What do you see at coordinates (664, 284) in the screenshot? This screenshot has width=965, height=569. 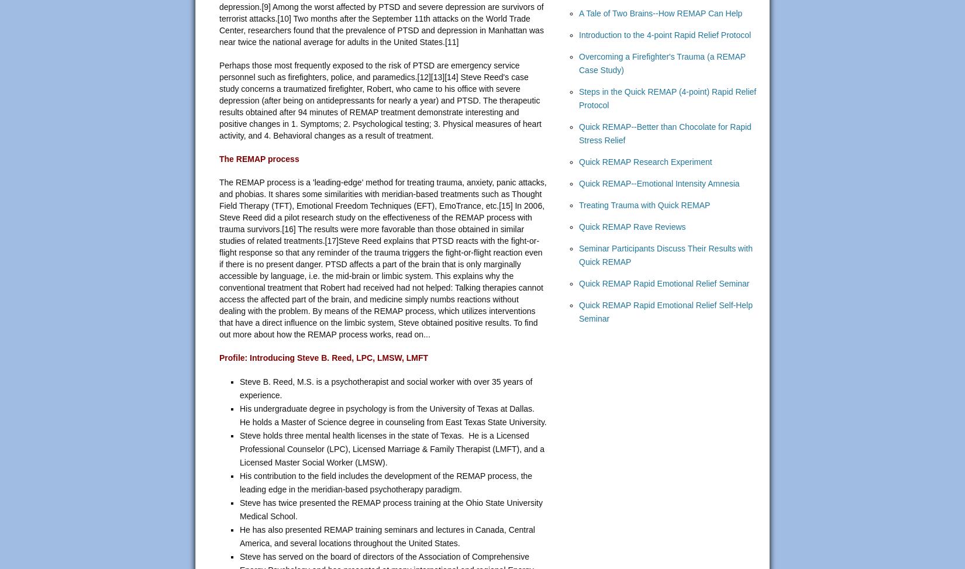 I see `'Quick REMAP Rapid Emotional Relief Seminar'` at bounding box center [664, 284].